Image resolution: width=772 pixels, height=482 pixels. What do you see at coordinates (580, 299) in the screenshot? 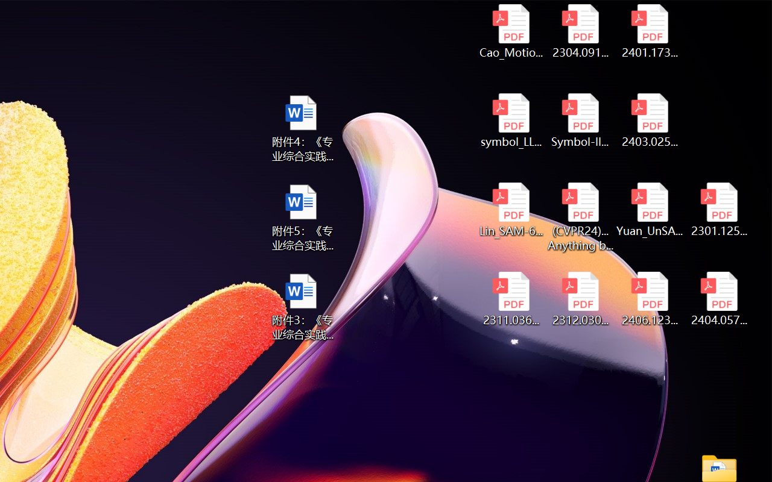
I see `'2312.03032v2.pdf'` at bounding box center [580, 299].